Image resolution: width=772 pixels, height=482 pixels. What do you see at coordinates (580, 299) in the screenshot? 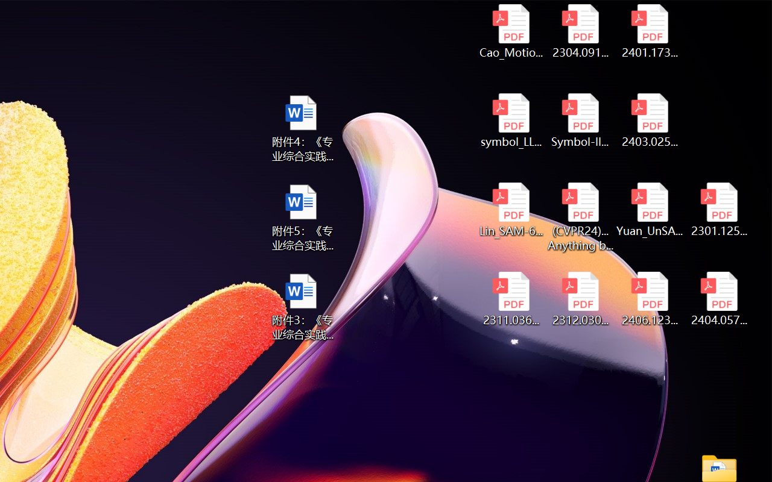
I see `'2312.03032v2.pdf'` at bounding box center [580, 299].